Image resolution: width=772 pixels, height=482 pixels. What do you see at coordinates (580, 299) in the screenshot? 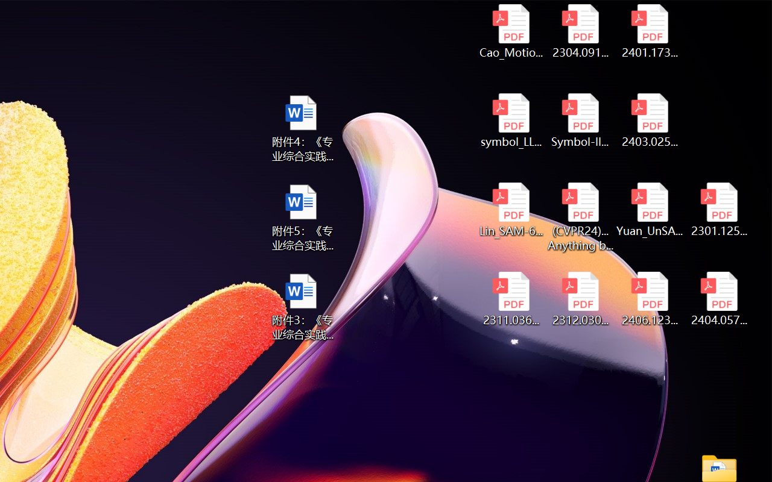
I see `'2312.03032v2.pdf'` at bounding box center [580, 299].